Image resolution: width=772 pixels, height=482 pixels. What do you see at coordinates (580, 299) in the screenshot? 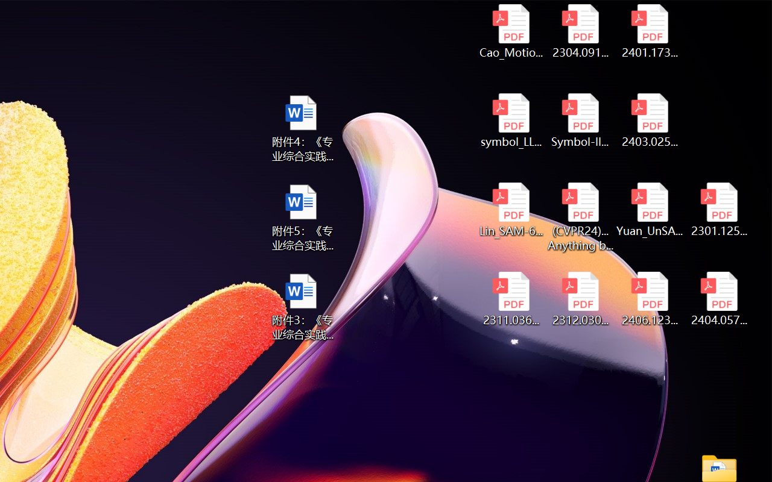
I see `'2312.03032v2.pdf'` at bounding box center [580, 299].